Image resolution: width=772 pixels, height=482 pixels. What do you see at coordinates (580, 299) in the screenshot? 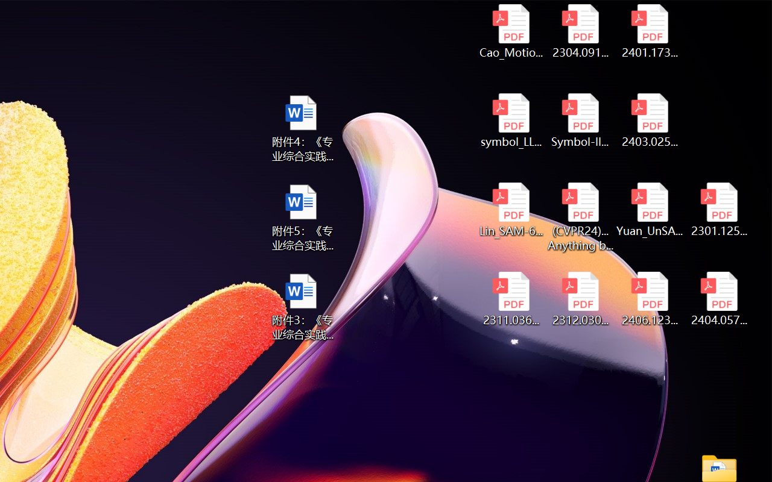
I see `'2312.03032v2.pdf'` at bounding box center [580, 299].